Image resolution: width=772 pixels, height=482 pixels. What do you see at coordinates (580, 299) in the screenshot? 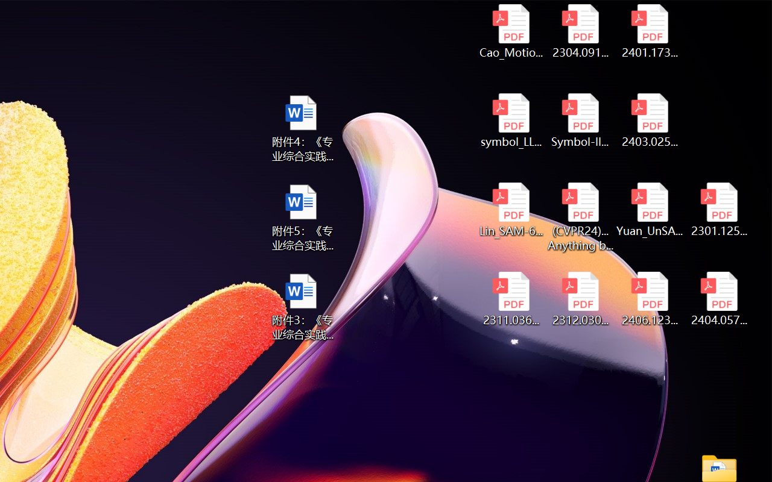
I see `'2312.03032v2.pdf'` at bounding box center [580, 299].